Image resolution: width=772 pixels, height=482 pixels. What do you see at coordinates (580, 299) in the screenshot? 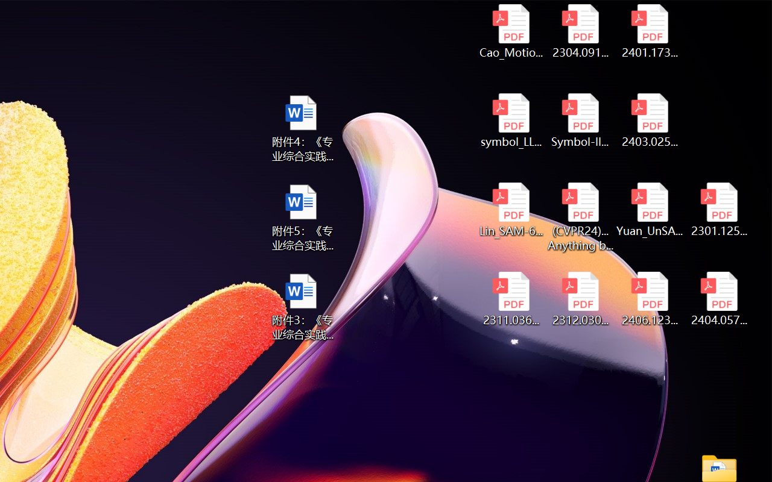
I see `'2312.03032v2.pdf'` at bounding box center [580, 299].